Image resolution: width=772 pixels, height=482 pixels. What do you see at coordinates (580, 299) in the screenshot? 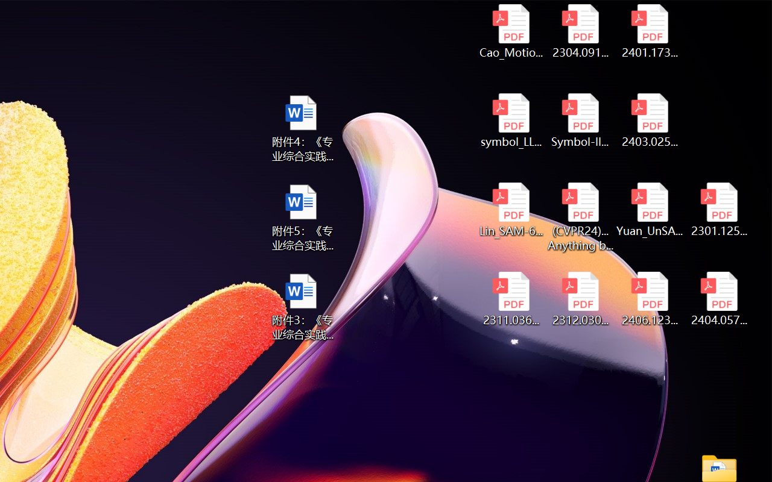
I see `'2312.03032v2.pdf'` at bounding box center [580, 299].